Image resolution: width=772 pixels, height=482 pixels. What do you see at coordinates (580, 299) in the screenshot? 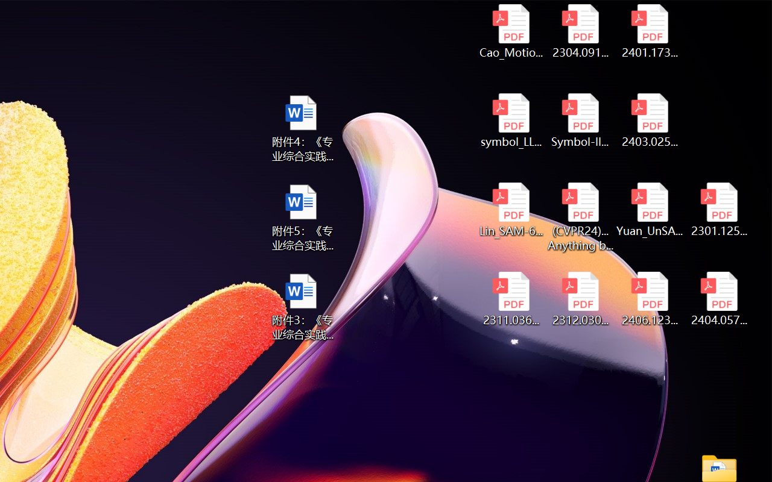
I see `'2312.03032v2.pdf'` at bounding box center [580, 299].